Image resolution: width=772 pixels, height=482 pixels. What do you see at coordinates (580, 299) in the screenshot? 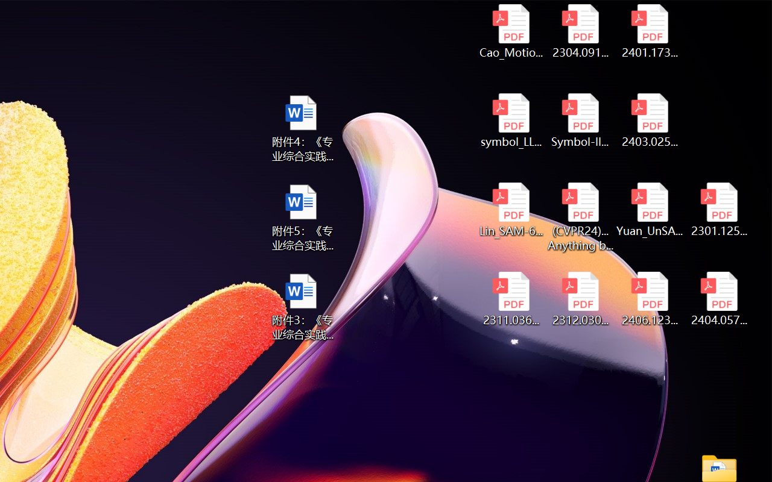
I see `'2312.03032v2.pdf'` at bounding box center [580, 299].